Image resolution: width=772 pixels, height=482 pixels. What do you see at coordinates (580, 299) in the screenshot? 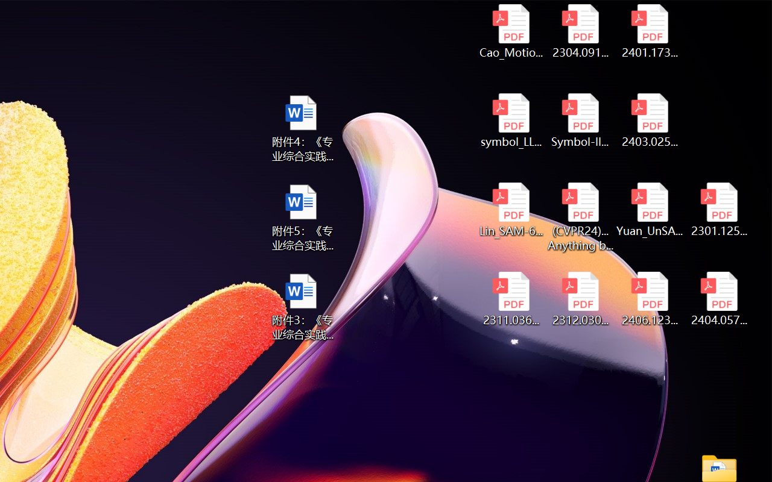
I see `'2312.03032v2.pdf'` at bounding box center [580, 299].